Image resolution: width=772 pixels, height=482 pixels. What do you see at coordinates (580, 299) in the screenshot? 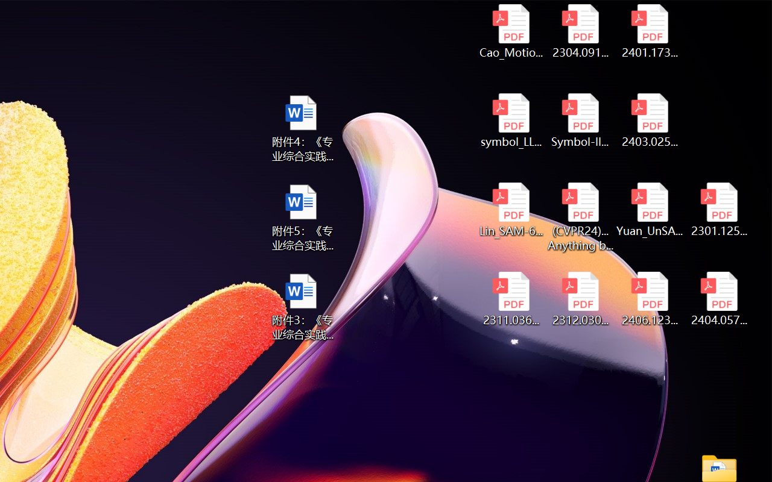
I see `'2312.03032v2.pdf'` at bounding box center [580, 299].